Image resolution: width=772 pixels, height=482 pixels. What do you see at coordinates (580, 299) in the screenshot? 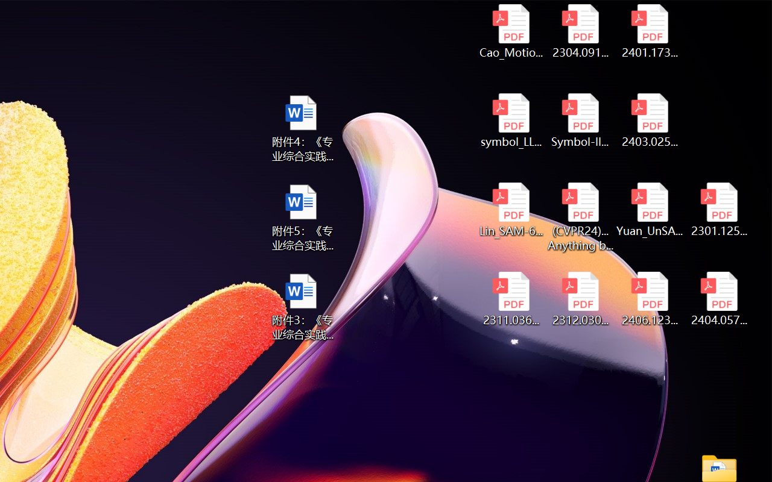
I see `'2312.03032v2.pdf'` at bounding box center [580, 299].